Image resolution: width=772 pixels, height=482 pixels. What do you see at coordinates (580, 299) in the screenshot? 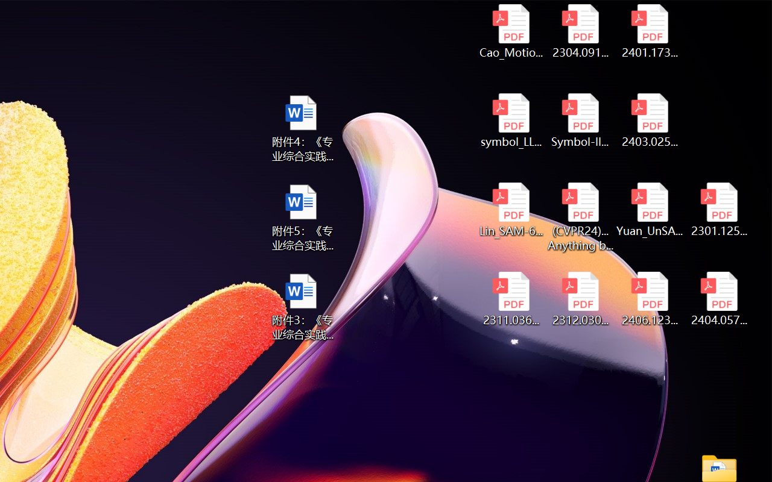
I see `'2312.03032v2.pdf'` at bounding box center [580, 299].